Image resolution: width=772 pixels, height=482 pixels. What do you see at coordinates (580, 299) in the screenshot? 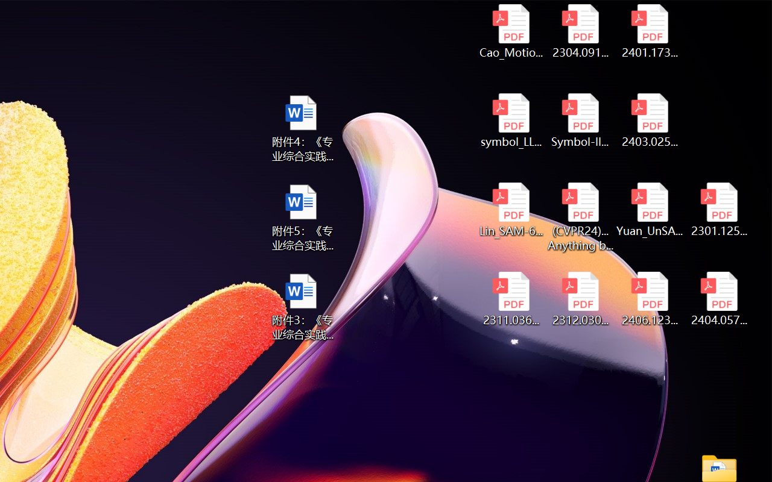
I see `'2312.03032v2.pdf'` at bounding box center [580, 299].